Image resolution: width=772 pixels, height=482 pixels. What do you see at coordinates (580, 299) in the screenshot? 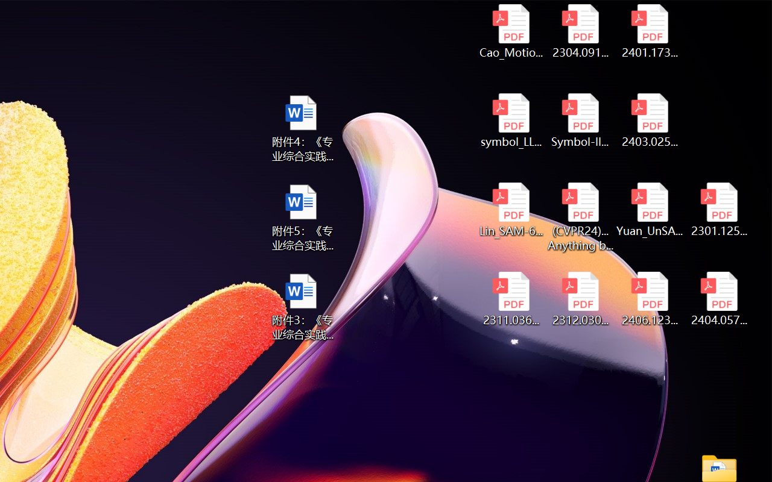
I see `'2312.03032v2.pdf'` at bounding box center [580, 299].